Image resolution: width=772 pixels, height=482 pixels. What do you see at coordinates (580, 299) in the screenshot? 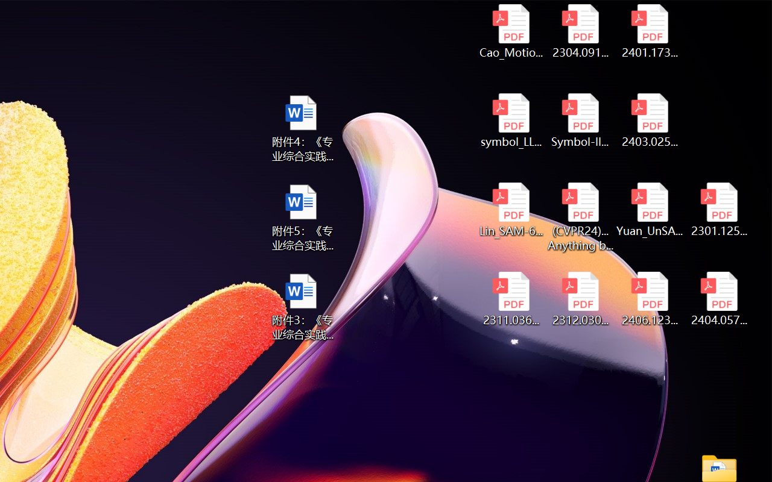
I see `'2312.03032v2.pdf'` at bounding box center [580, 299].